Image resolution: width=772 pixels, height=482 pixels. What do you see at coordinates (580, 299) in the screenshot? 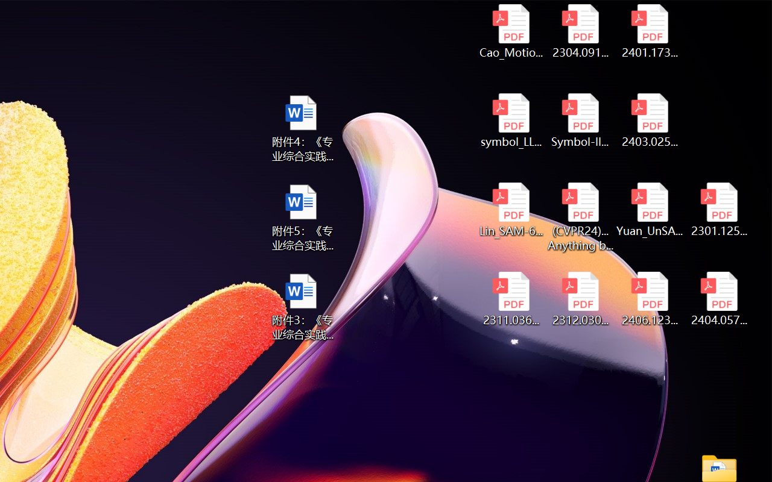
I see `'2312.03032v2.pdf'` at bounding box center [580, 299].